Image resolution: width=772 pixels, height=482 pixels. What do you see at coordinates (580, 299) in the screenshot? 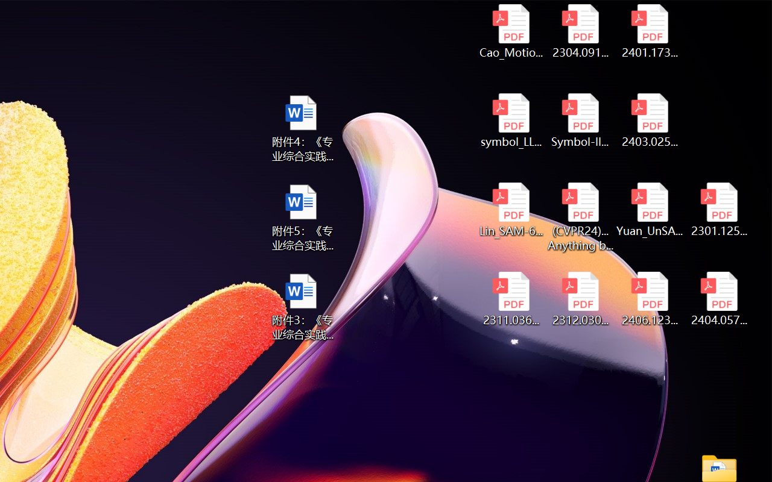
I see `'2312.03032v2.pdf'` at bounding box center [580, 299].